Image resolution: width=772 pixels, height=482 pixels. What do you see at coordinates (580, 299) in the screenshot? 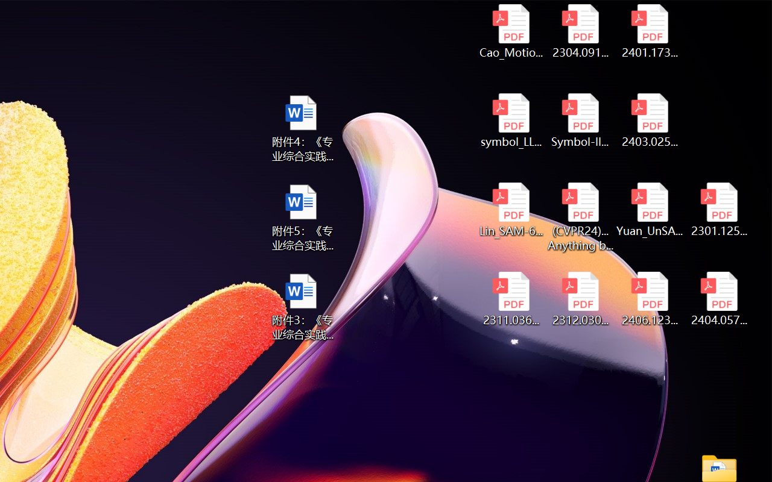
I see `'2312.03032v2.pdf'` at bounding box center [580, 299].